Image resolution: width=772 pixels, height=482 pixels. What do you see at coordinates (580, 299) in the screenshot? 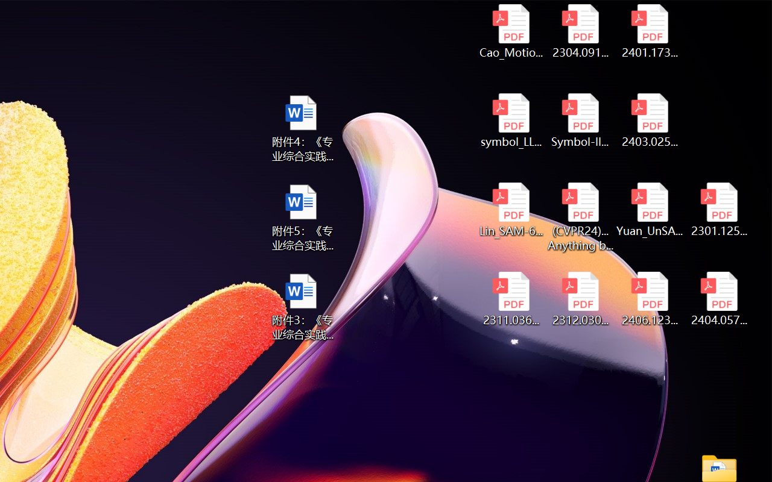
I see `'2312.03032v2.pdf'` at bounding box center [580, 299].